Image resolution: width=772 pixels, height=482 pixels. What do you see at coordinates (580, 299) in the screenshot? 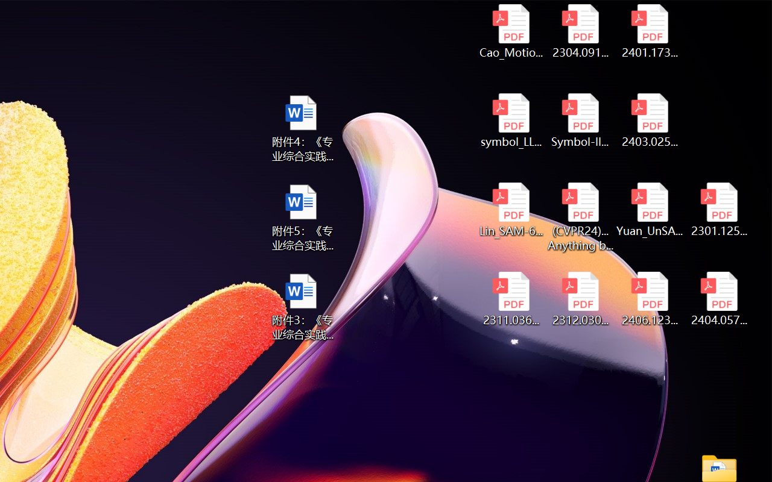
I see `'2312.03032v2.pdf'` at bounding box center [580, 299].